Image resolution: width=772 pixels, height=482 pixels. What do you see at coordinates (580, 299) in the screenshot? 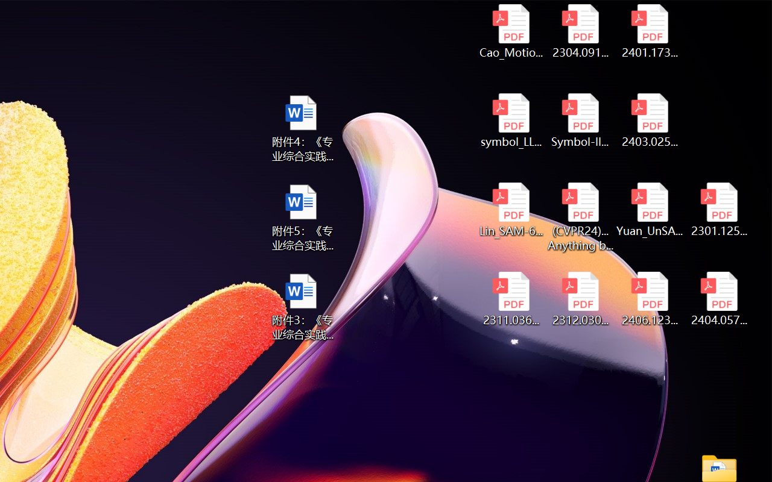
I see `'2312.03032v2.pdf'` at bounding box center [580, 299].